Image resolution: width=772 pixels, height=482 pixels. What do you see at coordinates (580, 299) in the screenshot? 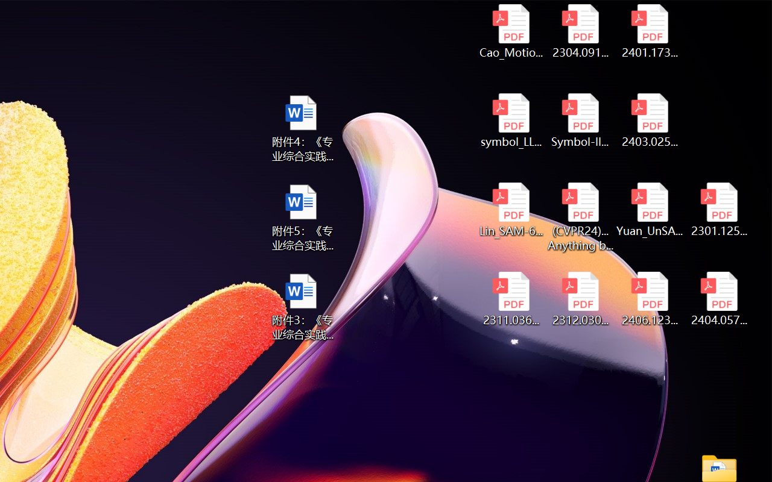
I see `'2312.03032v2.pdf'` at bounding box center [580, 299].